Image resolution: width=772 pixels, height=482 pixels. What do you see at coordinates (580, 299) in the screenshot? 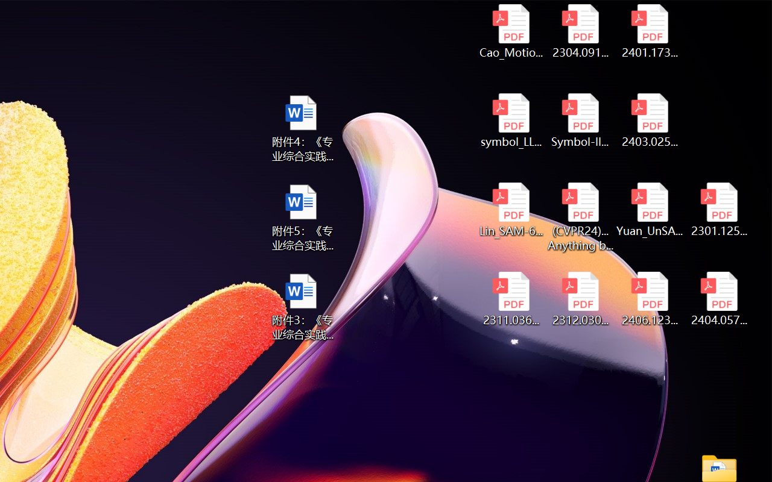
I see `'2312.03032v2.pdf'` at bounding box center [580, 299].